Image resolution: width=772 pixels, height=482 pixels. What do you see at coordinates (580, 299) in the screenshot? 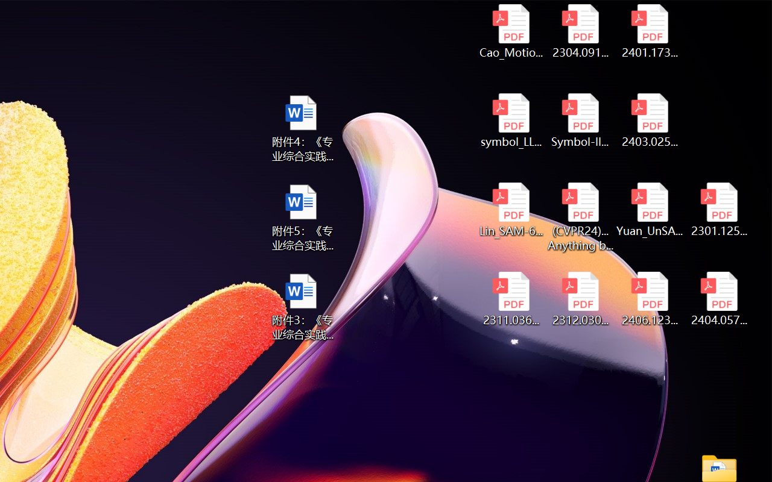
I see `'2312.03032v2.pdf'` at bounding box center [580, 299].